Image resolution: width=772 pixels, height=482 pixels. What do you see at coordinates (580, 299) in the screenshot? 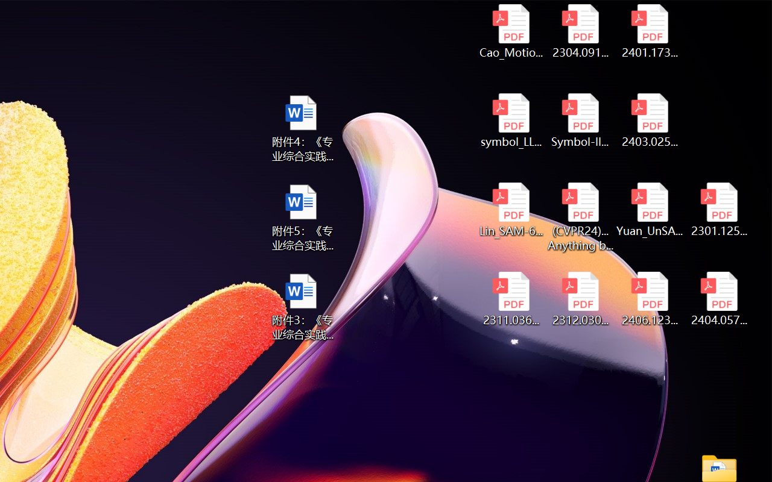
I see `'2312.03032v2.pdf'` at bounding box center [580, 299].